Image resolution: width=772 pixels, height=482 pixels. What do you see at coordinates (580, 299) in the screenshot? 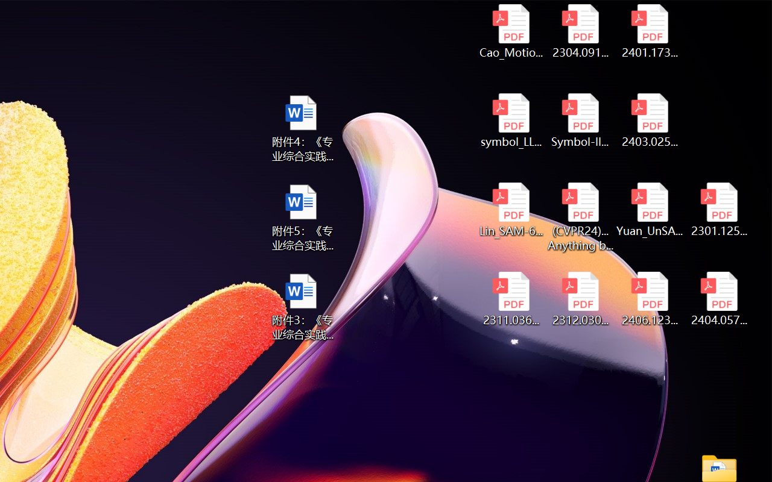
I see `'2312.03032v2.pdf'` at bounding box center [580, 299].